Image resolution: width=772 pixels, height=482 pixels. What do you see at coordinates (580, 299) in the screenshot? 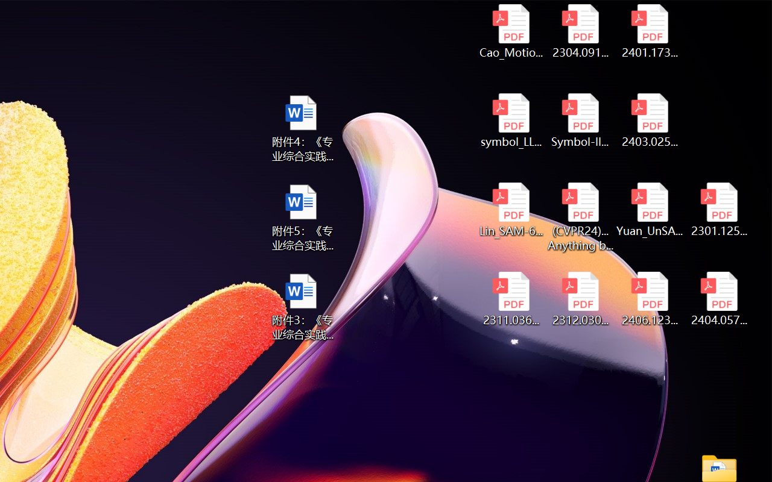
I see `'2312.03032v2.pdf'` at bounding box center [580, 299].